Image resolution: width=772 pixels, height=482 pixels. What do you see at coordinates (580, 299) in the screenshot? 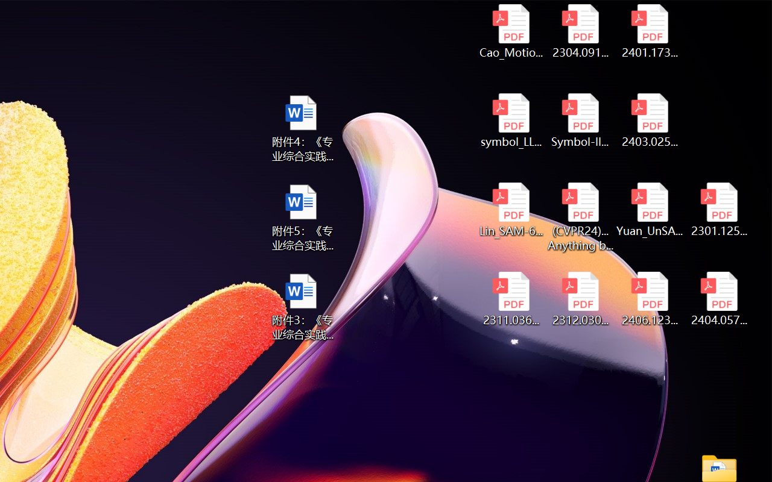
I see `'2312.03032v2.pdf'` at bounding box center [580, 299].